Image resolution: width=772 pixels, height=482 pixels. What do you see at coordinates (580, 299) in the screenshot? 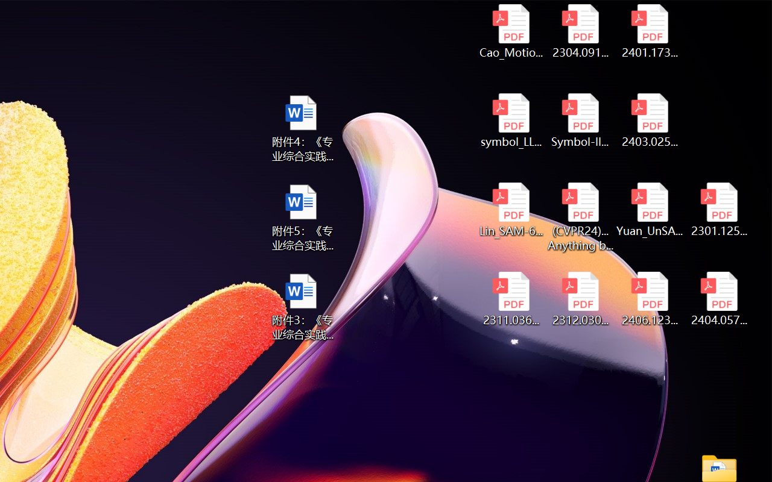
I see `'2312.03032v2.pdf'` at bounding box center [580, 299].